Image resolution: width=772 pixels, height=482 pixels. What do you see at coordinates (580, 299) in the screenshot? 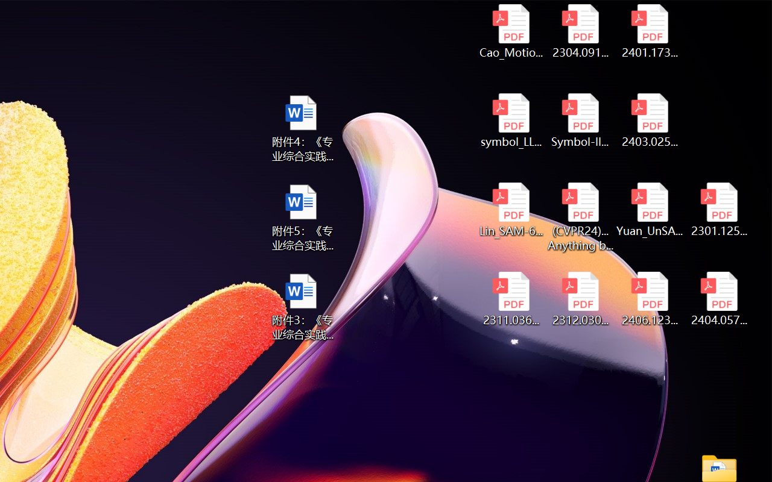
I see `'2312.03032v2.pdf'` at bounding box center [580, 299].